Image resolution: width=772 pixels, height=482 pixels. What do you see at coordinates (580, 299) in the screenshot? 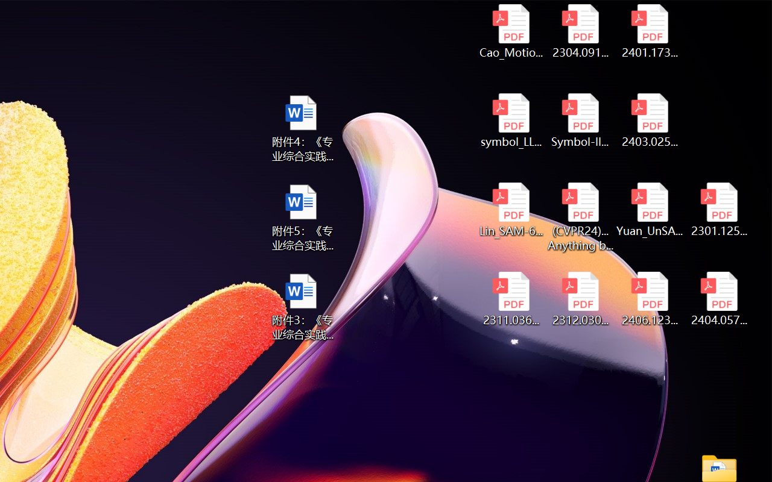
I see `'2312.03032v2.pdf'` at bounding box center [580, 299].